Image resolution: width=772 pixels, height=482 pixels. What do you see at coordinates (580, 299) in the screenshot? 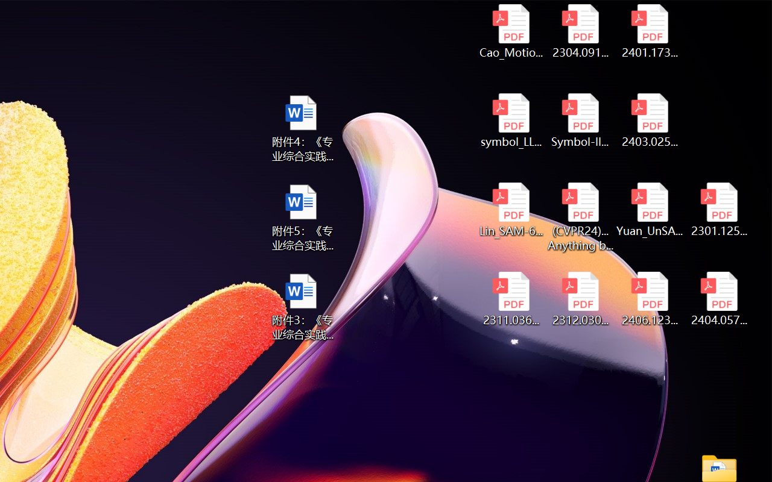
I see `'2312.03032v2.pdf'` at bounding box center [580, 299].